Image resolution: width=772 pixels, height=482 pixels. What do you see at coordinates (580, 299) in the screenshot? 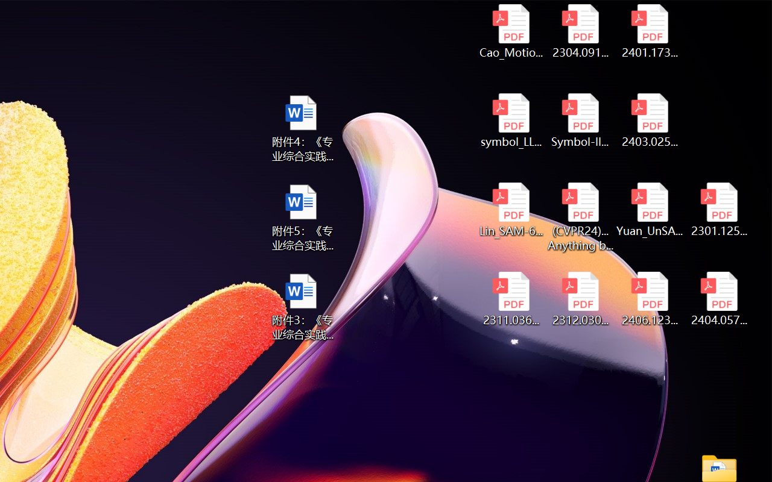
I see `'2312.03032v2.pdf'` at bounding box center [580, 299].